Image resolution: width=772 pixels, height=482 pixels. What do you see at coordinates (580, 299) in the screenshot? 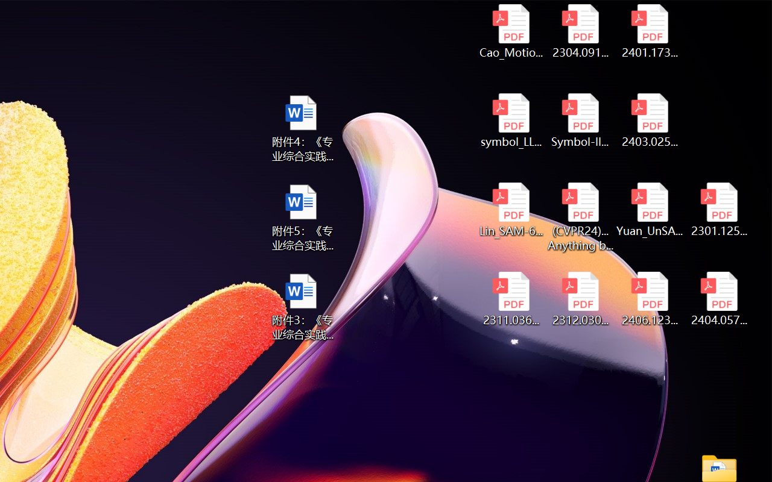
I see `'2312.03032v2.pdf'` at bounding box center [580, 299].